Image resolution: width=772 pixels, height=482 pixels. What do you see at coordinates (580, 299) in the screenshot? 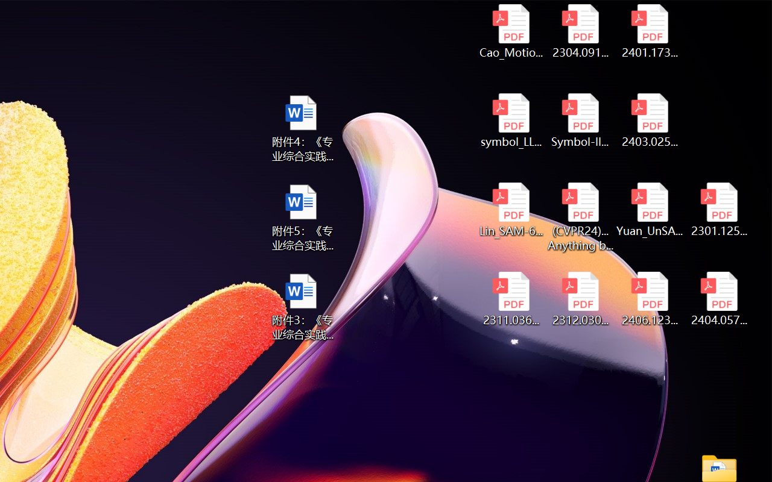
I see `'2312.03032v2.pdf'` at bounding box center [580, 299].